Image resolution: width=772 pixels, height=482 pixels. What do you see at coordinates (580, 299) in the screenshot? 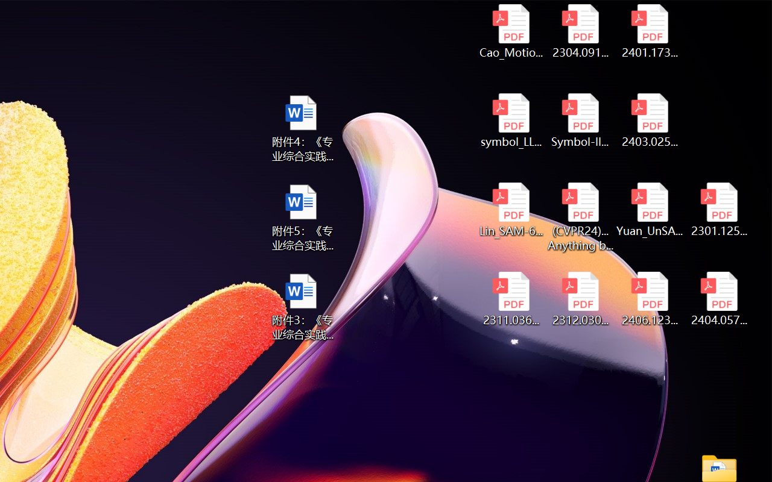
I see `'2312.03032v2.pdf'` at bounding box center [580, 299].